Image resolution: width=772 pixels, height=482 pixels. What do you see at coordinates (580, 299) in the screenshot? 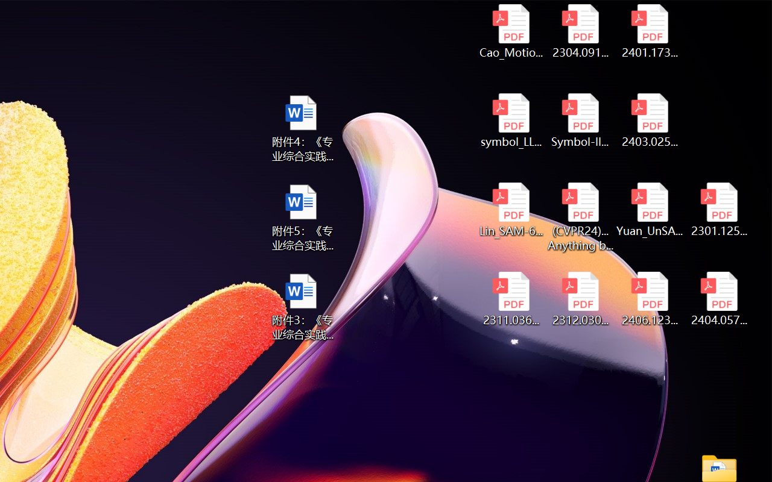
I see `'2312.03032v2.pdf'` at bounding box center [580, 299].